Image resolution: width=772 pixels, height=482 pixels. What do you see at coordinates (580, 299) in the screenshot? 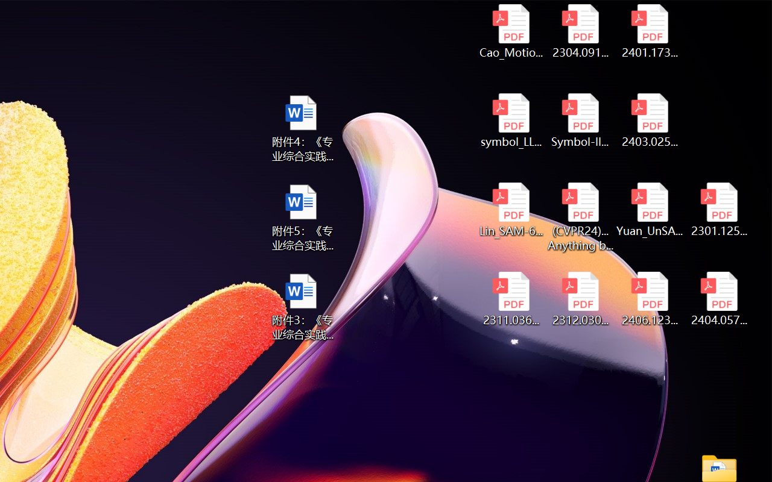
I see `'2312.03032v2.pdf'` at bounding box center [580, 299].